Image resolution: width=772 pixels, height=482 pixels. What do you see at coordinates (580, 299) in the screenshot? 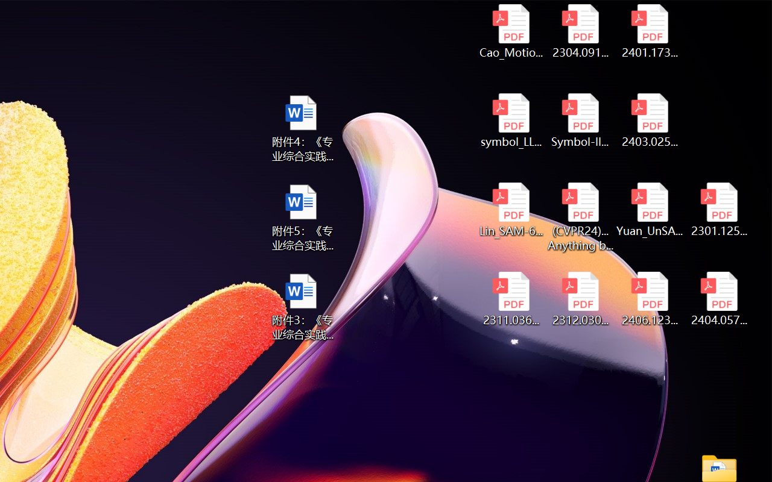
I see `'2312.03032v2.pdf'` at bounding box center [580, 299].